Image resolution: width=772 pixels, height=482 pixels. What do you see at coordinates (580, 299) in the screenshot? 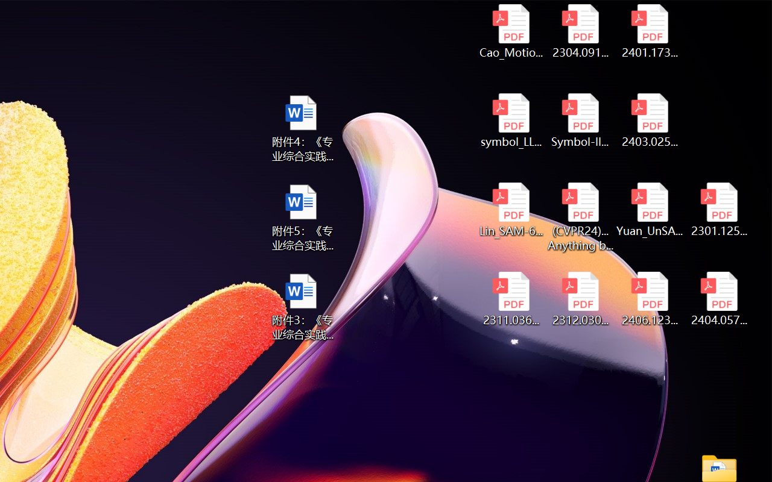
I see `'2312.03032v2.pdf'` at bounding box center [580, 299].